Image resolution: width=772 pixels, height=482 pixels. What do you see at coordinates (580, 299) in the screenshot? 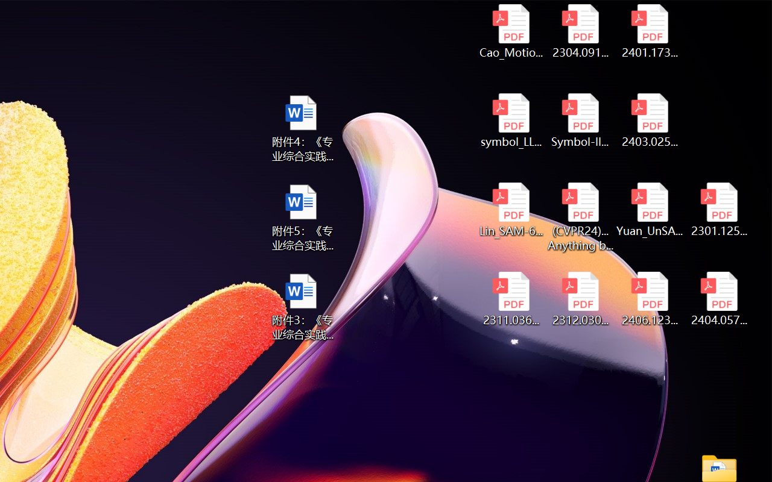
I see `'2312.03032v2.pdf'` at bounding box center [580, 299].